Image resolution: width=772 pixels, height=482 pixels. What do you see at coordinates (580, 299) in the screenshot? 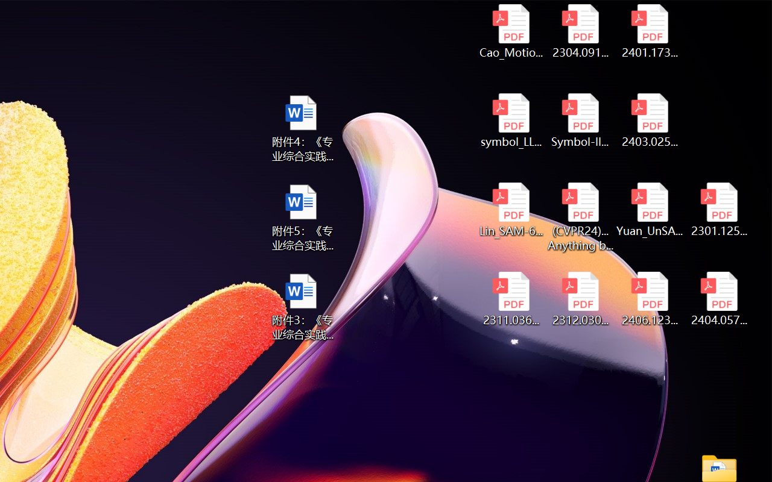
I see `'2312.03032v2.pdf'` at bounding box center [580, 299].